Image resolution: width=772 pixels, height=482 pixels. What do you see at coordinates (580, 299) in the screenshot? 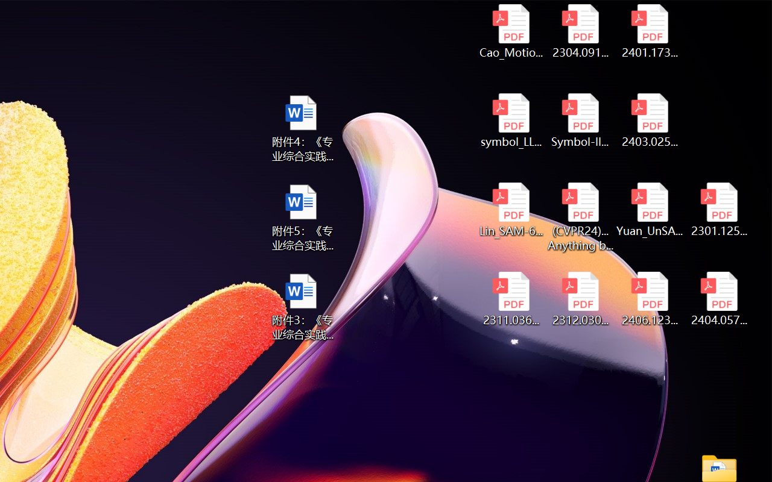
I see `'2312.03032v2.pdf'` at bounding box center [580, 299].